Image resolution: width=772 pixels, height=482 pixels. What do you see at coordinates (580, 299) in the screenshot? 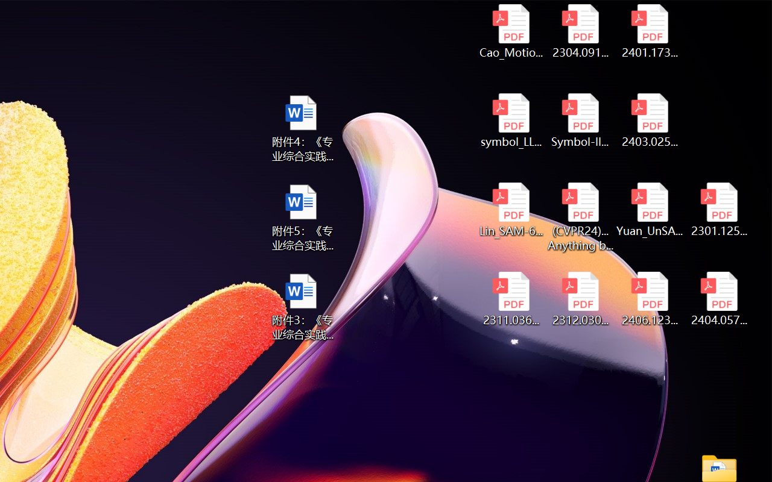
I see `'2312.03032v2.pdf'` at bounding box center [580, 299].